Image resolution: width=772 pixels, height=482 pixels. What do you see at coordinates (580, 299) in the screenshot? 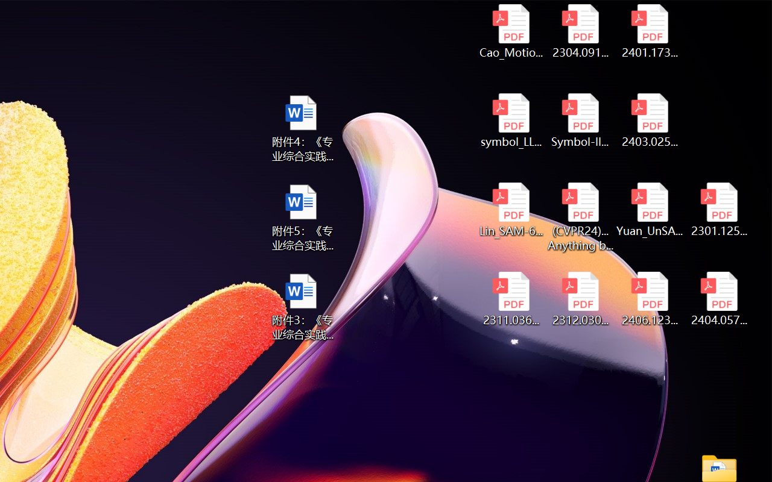
I see `'2312.03032v2.pdf'` at bounding box center [580, 299].